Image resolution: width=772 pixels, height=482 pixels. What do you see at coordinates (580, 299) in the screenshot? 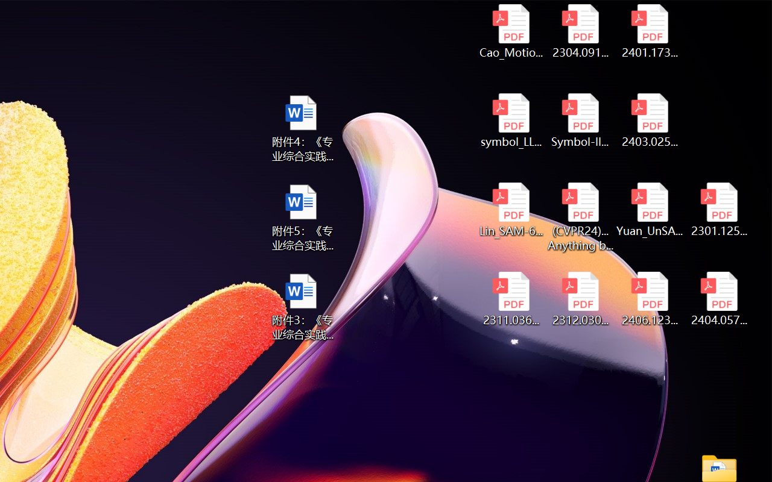
I see `'2312.03032v2.pdf'` at bounding box center [580, 299].